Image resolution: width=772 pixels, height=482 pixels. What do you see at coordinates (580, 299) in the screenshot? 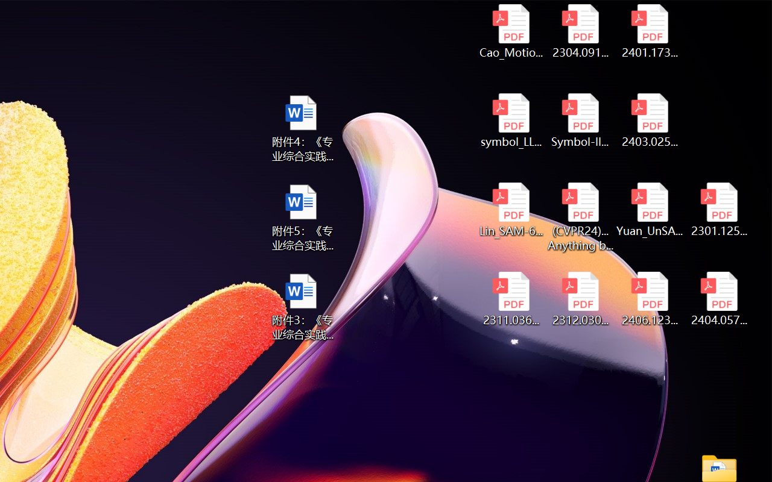
I see `'2312.03032v2.pdf'` at bounding box center [580, 299].